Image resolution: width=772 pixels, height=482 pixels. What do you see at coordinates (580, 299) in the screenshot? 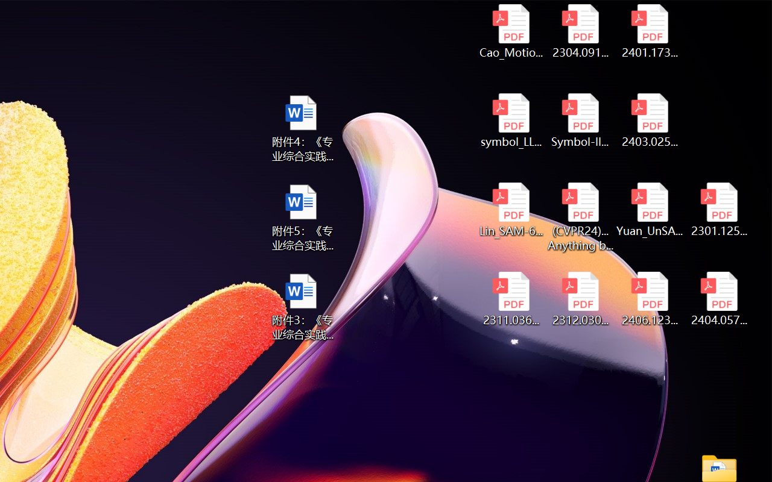
I see `'2312.03032v2.pdf'` at bounding box center [580, 299].